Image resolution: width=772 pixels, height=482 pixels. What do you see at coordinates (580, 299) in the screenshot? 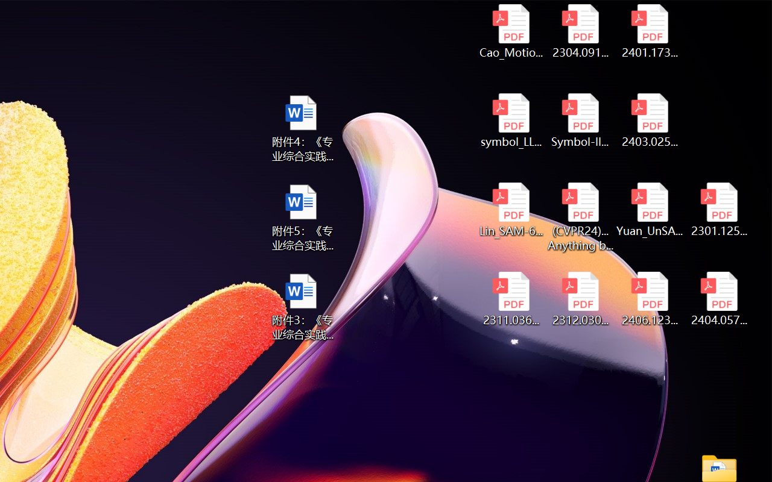
I see `'2312.03032v2.pdf'` at bounding box center [580, 299].